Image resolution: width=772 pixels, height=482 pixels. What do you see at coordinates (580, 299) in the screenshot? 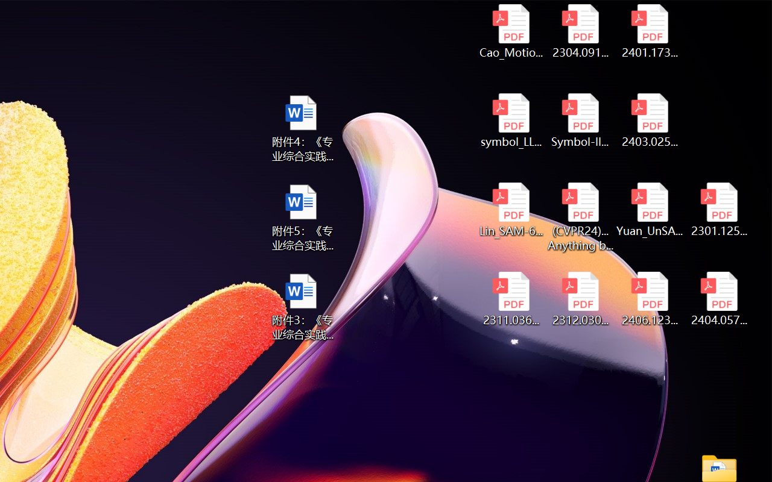
I see `'2312.03032v2.pdf'` at bounding box center [580, 299].